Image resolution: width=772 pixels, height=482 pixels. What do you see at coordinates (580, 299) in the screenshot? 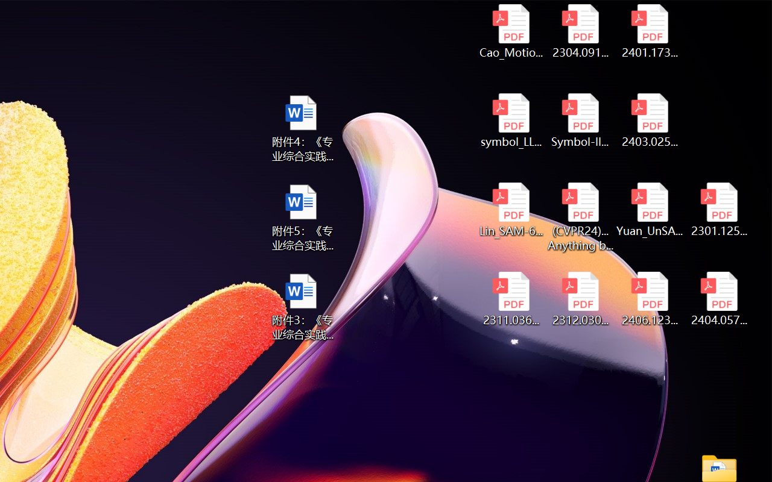
I see `'2312.03032v2.pdf'` at bounding box center [580, 299].